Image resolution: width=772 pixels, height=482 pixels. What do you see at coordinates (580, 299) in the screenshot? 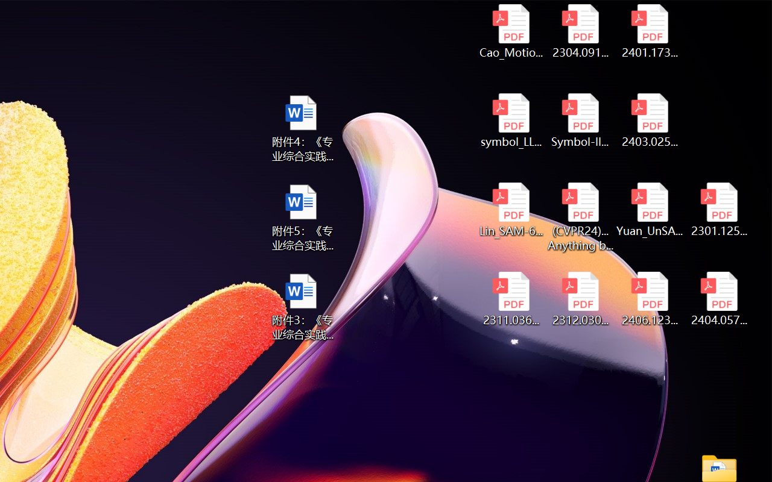
I see `'2312.03032v2.pdf'` at bounding box center [580, 299].